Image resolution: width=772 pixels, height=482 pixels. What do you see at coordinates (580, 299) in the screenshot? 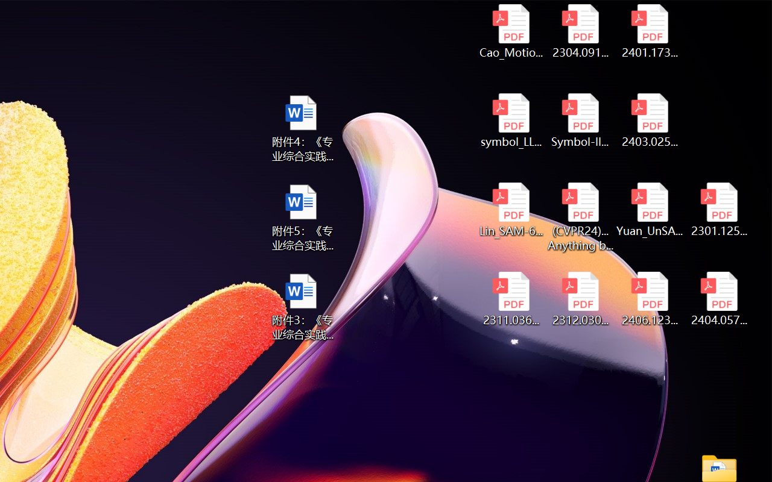
I see `'2312.03032v2.pdf'` at bounding box center [580, 299].